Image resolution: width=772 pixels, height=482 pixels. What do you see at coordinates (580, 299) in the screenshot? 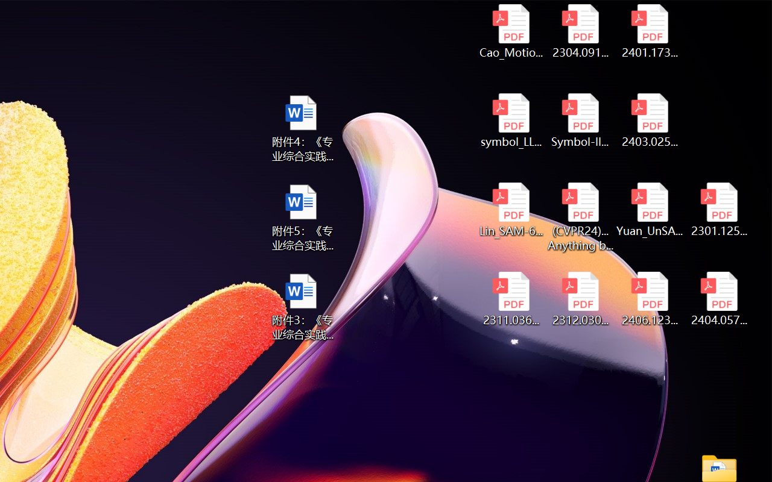
I see `'2312.03032v2.pdf'` at bounding box center [580, 299].